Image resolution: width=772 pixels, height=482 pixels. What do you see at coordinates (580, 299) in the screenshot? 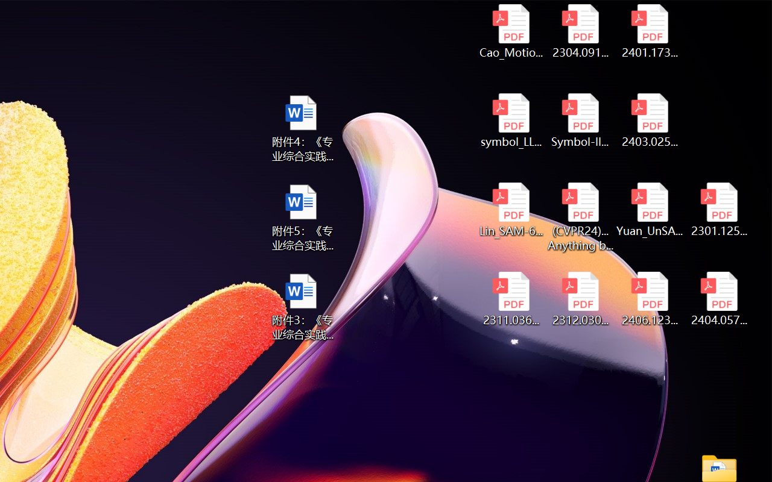
I see `'2312.03032v2.pdf'` at bounding box center [580, 299].